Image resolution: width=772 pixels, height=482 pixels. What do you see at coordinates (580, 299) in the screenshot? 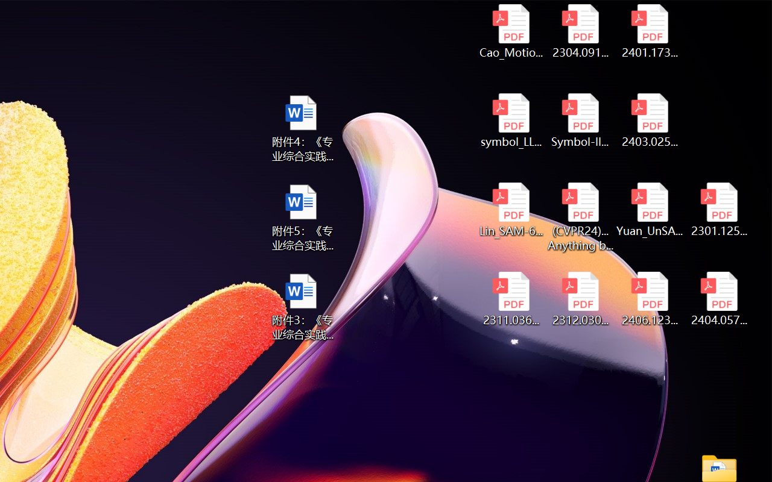
I see `'2312.03032v2.pdf'` at bounding box center [580, 299].